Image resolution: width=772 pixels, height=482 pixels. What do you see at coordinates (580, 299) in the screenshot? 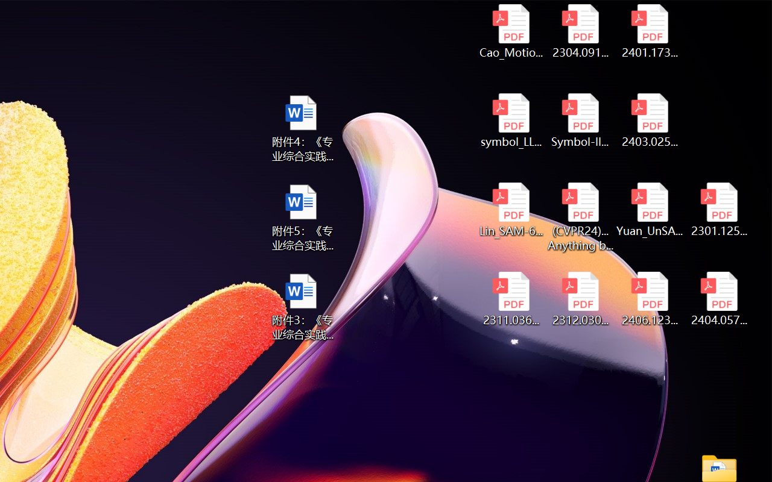
I see `'2312.03032v2.pdf'` at bounding box center [580, 299].